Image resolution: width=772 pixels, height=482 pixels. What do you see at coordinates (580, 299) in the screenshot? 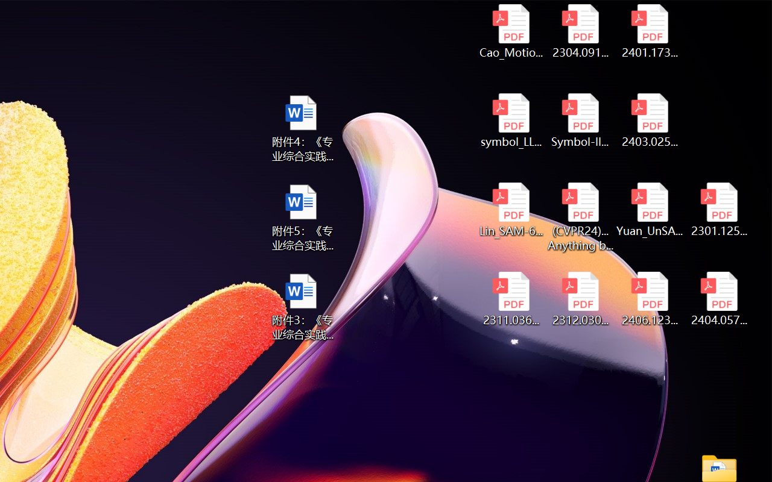
I see `'2312.03032v2.pdf'` at bounding box center [580, 299].